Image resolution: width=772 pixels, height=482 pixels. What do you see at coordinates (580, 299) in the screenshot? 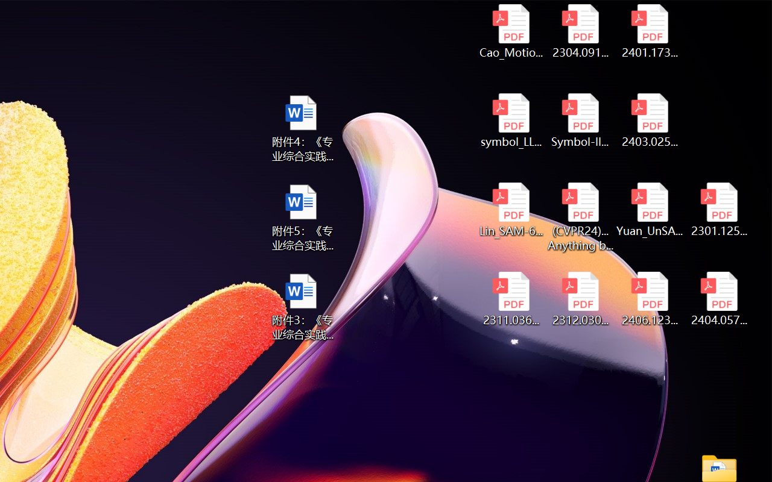
I see `'2312.03032v2.pdf'` at bounding box center [580, 299].